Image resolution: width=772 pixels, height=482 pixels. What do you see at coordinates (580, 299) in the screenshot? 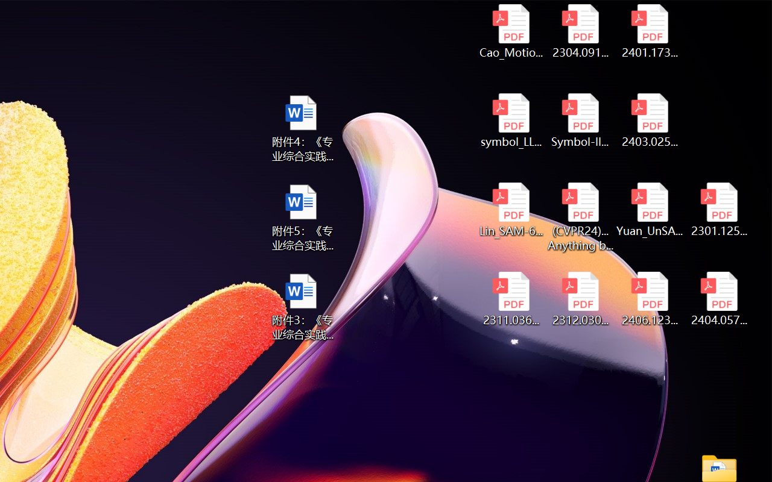
I see `'2312.03032v2.pdf'` at bounding box center [580, 299].